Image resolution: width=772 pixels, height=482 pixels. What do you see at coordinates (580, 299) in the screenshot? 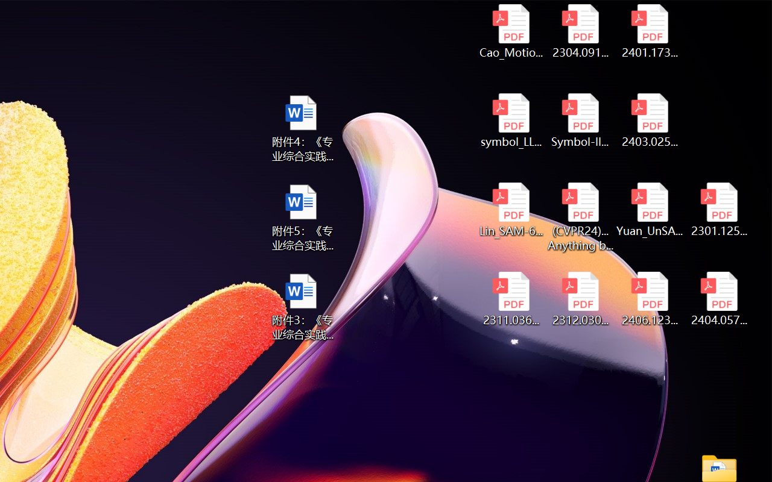
I see `'2312.03032v2.pdf'` at bounding box center [580, 299].